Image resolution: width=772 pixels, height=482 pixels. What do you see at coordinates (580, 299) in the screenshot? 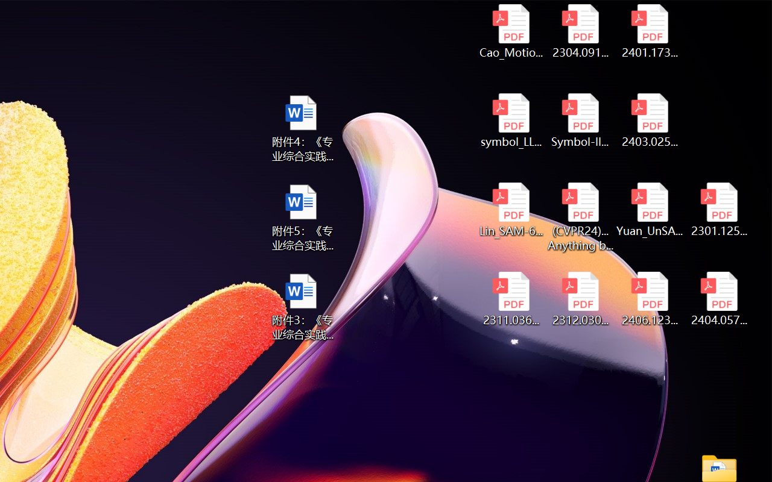
I see `'2312.03032v2.pdf'` at bounding box center [580, 299].